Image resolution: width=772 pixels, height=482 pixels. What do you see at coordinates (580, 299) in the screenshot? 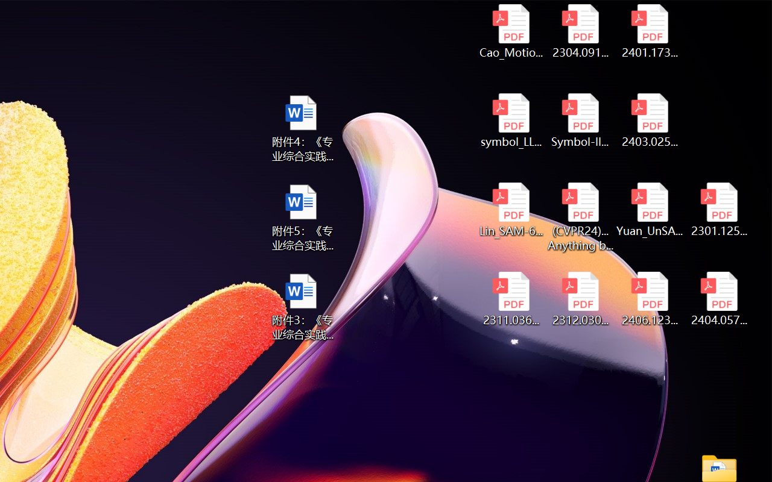
I see `'2312.03032v2.pdf'` at bounding box center [580, 299].